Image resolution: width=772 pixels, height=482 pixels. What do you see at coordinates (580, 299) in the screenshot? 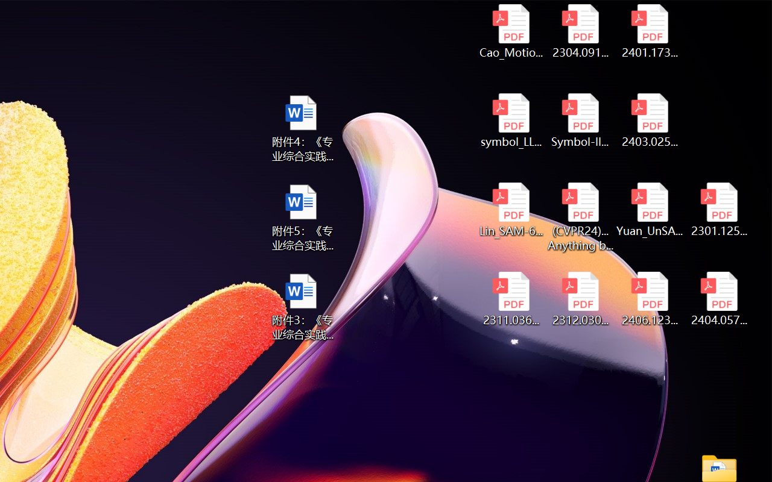
I see `'2312.03032v2.pdf'` at bounding box center [580, 299].